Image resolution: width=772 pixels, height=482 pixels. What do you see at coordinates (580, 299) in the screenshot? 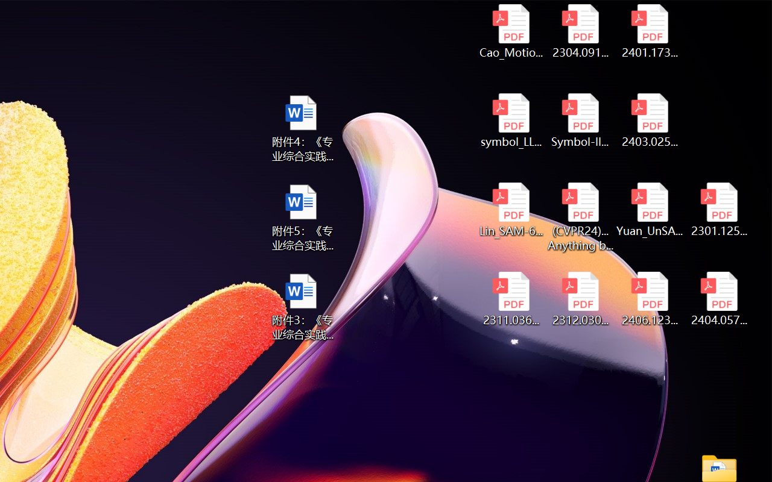
I see `'2312.03032v2.pdf'` at bounding box center [580, 299].